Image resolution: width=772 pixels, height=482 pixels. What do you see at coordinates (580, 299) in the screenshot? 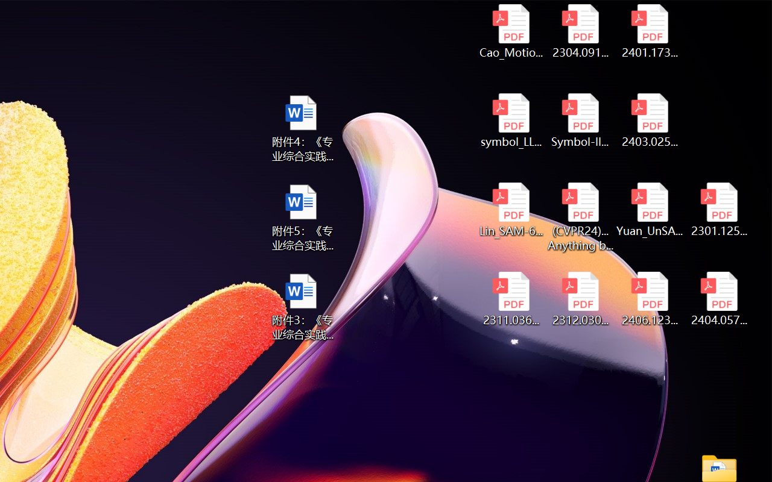
I see `'2312.03032v2.pdf'` at bounding box center [580, 299].